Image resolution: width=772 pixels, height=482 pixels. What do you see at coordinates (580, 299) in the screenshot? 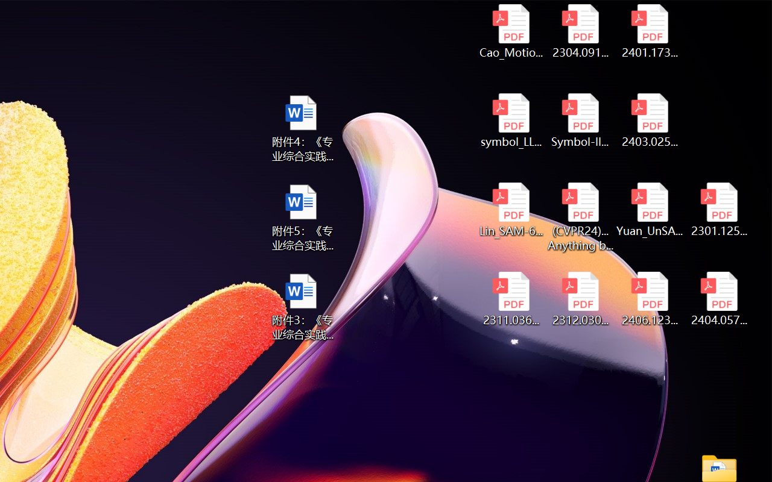
I see `'2312.03032v2.pdf'` at bounding box center [580, 299].